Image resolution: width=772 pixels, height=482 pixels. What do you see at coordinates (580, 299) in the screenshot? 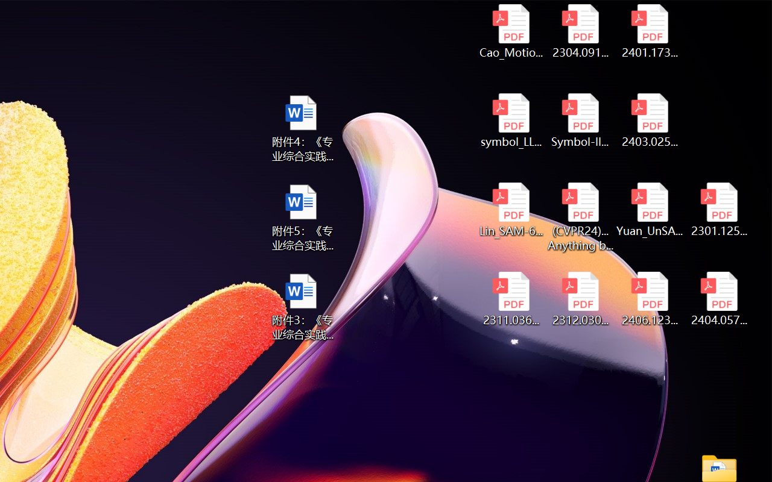
I see `'2312.03032v2.pdf'` at bounding box center [580, 299].